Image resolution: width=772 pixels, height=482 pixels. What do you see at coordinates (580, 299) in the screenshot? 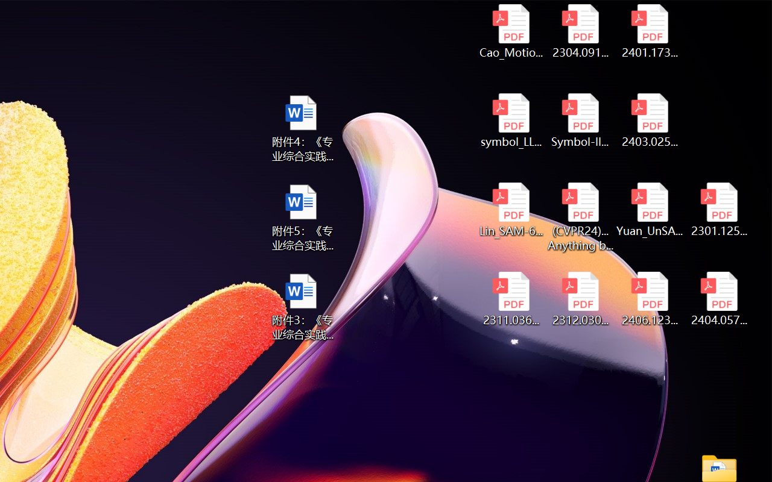
I see `'2312.03032v2.pdf'` at bounding box center [580, 299].